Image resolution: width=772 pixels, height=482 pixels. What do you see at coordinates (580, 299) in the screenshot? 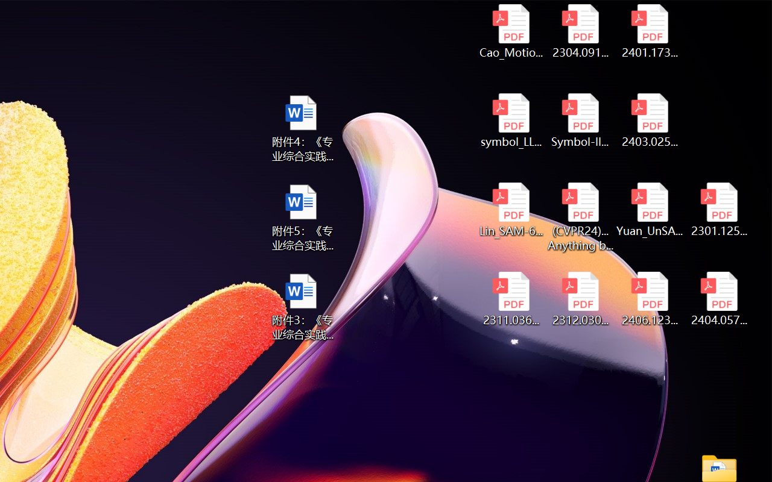
I see `'2312.03032v2.pdf'` at bounding box center [580, 299].